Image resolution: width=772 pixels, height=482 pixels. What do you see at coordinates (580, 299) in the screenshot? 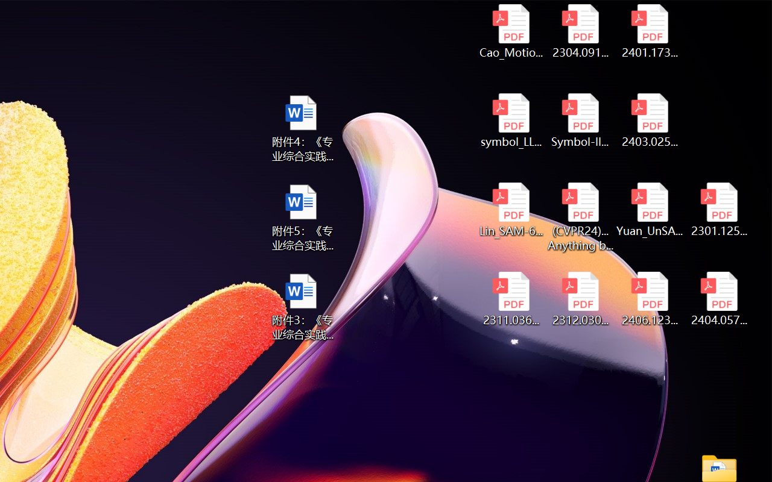
I see `'2312.03032v2.pdf'` at bounding box center [580, 299].